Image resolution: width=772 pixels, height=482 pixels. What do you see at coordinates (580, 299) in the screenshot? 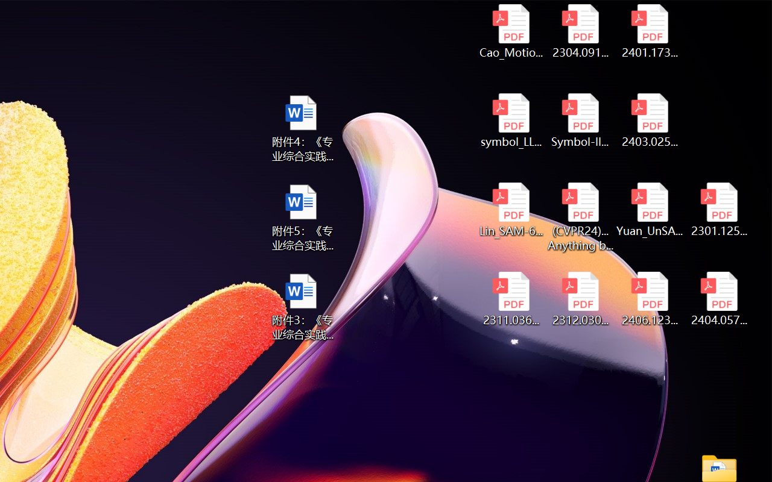
I see `'2312.03032v2.pdf'` at bounding box center [580, 299].